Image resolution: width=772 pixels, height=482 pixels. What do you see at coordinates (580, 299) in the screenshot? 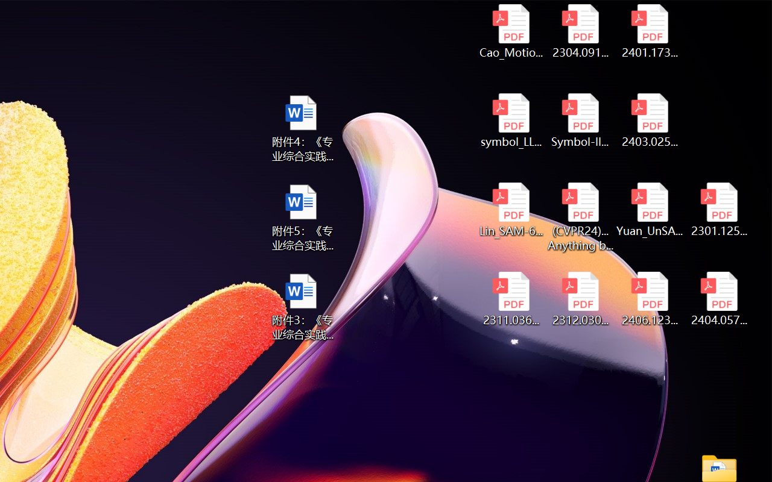
I see `'2312.03032v2.pdf'` at bounding box center [580, 299].